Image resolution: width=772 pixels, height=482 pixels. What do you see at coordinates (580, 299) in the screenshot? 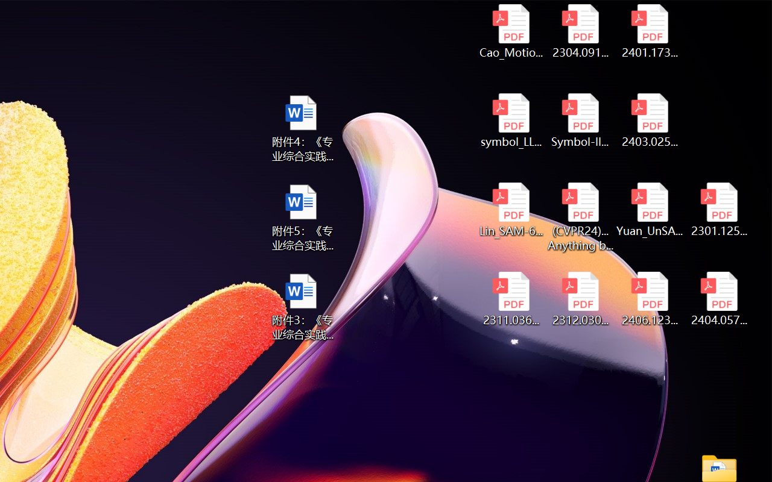
I see `'2312.03032v2.pdf'` at bounding box center [580, 299].